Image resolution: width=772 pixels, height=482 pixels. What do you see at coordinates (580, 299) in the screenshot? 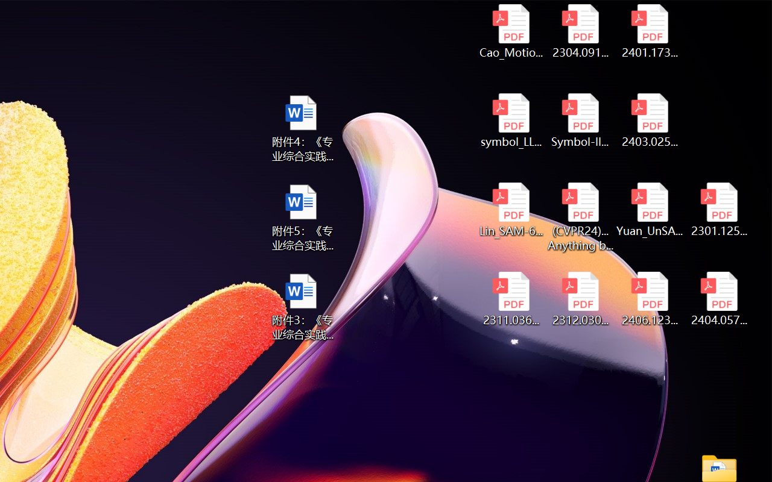
I see `'2312.03032v2.pdf'` at bounding box center [580, 299].